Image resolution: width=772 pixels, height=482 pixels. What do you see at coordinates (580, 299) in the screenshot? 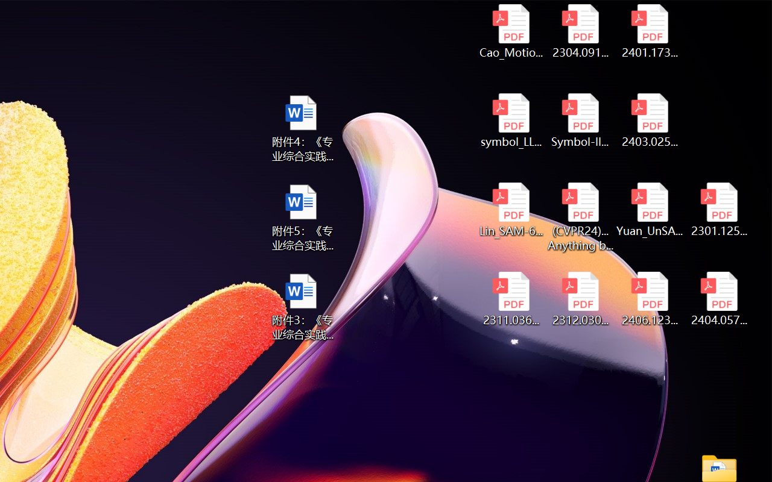
I see `'2312.03032v2.pdf'` at bounding box center [580, 299].